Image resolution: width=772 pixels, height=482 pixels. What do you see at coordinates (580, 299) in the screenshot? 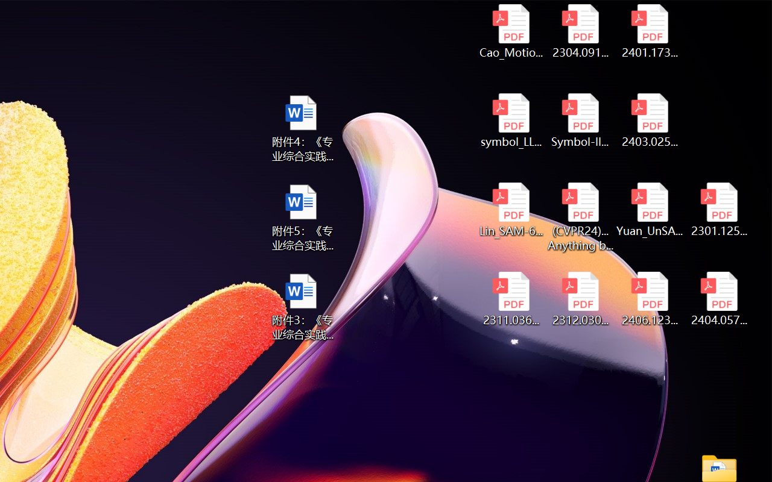
I see `'2312.03032v2.pdf'` at bounding box center [580, 299].